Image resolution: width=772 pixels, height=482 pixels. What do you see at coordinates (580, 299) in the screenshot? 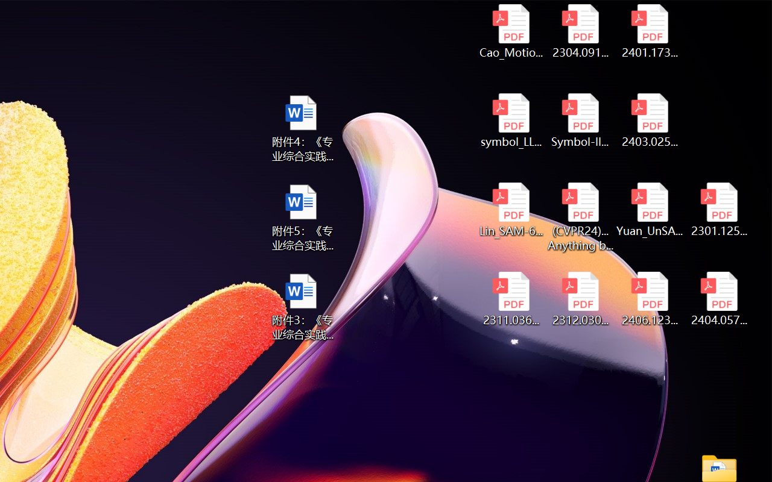
I see `'2312.03032v2.pdf'` at bounding box center [580, 299].